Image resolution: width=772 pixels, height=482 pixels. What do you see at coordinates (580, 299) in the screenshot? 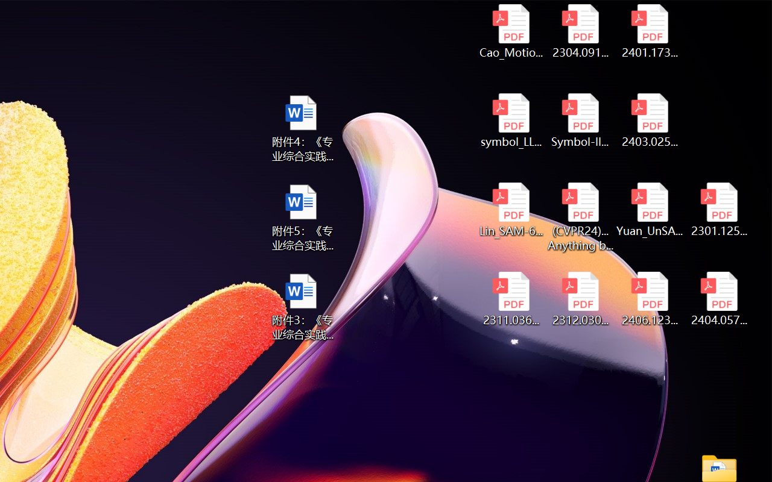
I see `'2312.03032v2.pdf'` at bounding box center [580, 299].